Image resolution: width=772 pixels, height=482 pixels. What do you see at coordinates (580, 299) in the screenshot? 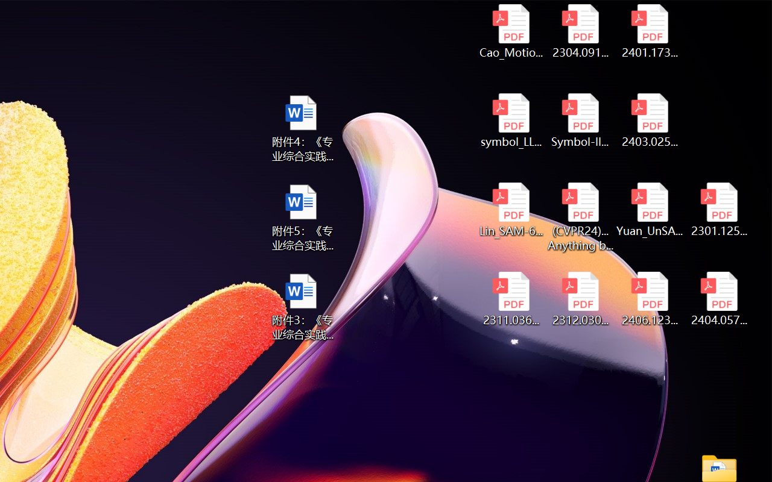
I see `'2312.03032v2.pdf'` at bounding box center [580, 299].